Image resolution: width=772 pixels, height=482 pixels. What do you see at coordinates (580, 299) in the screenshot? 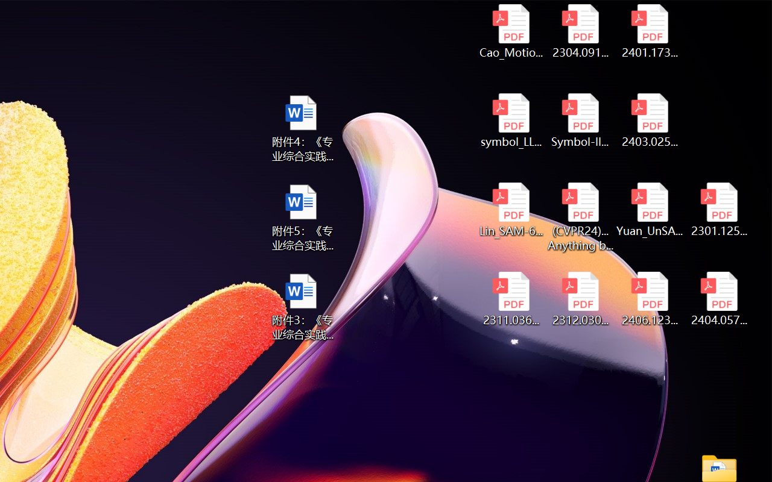
I see `'2312.03032v2.pdf'` at bounding box center [580, 299].